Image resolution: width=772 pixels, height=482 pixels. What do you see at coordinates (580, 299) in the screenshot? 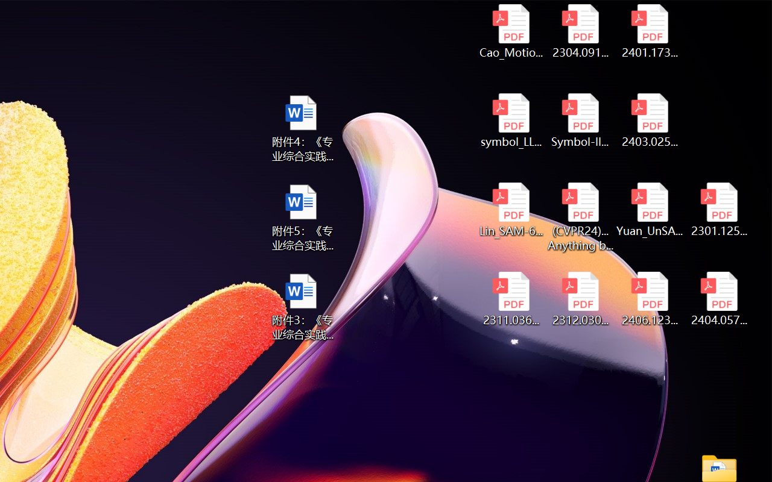
I see `'2312.03032v2.pdf'` at bounding box center [580, 299].